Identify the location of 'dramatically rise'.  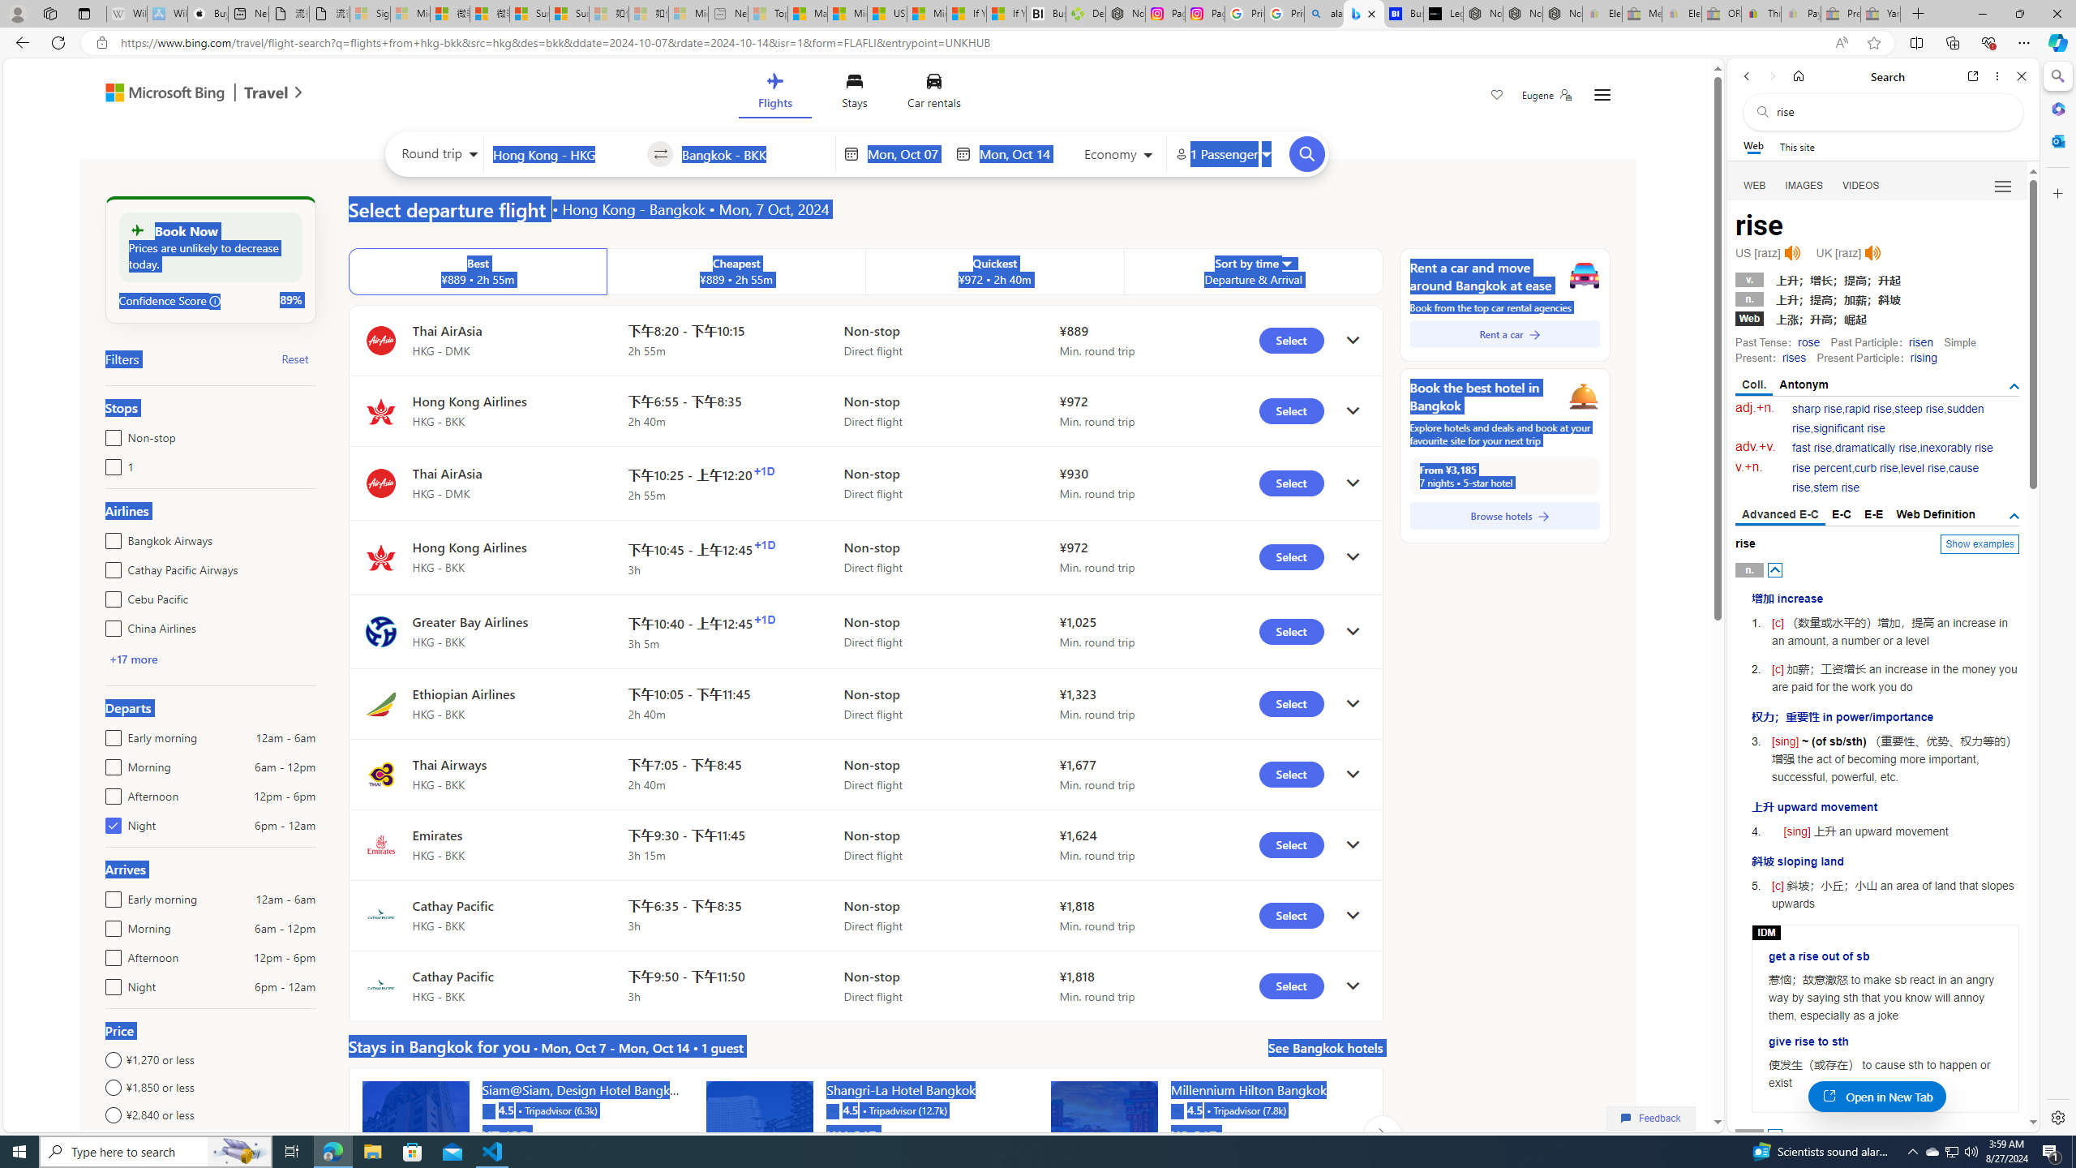
(1874, 447).